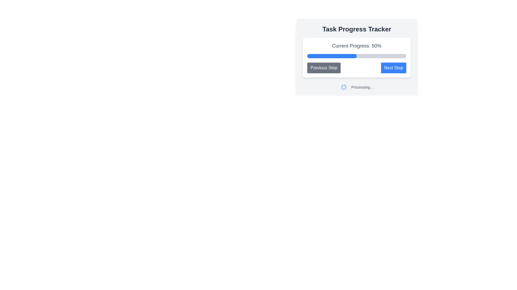 Image resolution: width=517 pixels, height=290 pixels. I want to click on the filled segment of the Progress bar that indicates 50% completion under the 'Current Progress: 50%' text in the 'Task Progress Tracker' section, so click(332, 56).